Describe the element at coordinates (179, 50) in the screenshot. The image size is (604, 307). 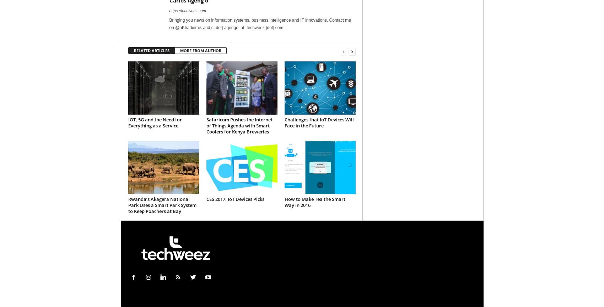
I see `'MORE FROM AUTHOR'` at that location.